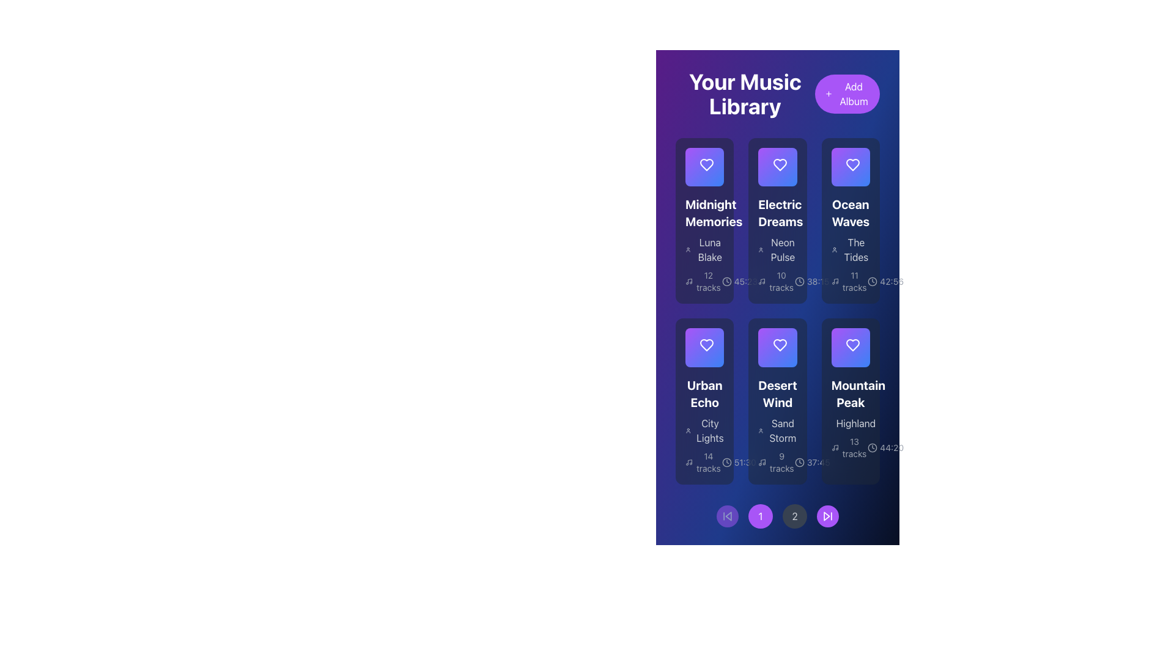 The image size is (1174, 660). I want to click on the user profile icon, which is a small circular silhouette icon located to the left of the 'City Lights' text in the 'Urban Echo' album section, so click(688, 430).